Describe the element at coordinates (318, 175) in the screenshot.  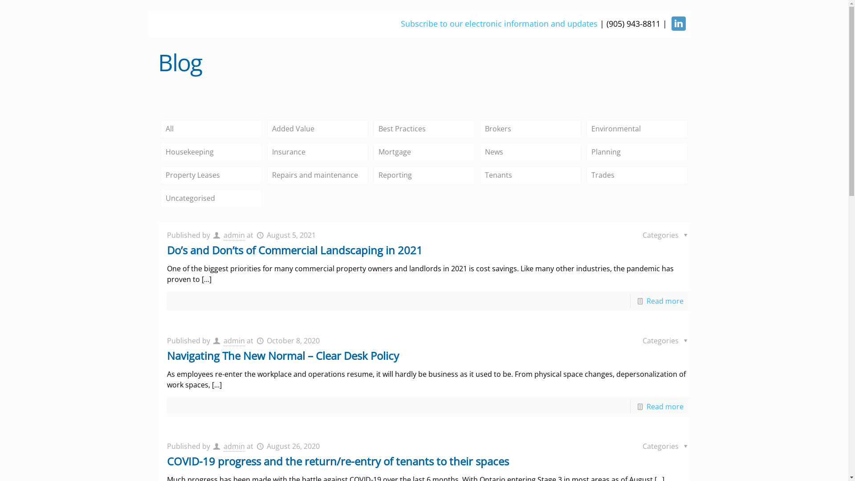
I see `'Repairs and maintenance'` at that location.